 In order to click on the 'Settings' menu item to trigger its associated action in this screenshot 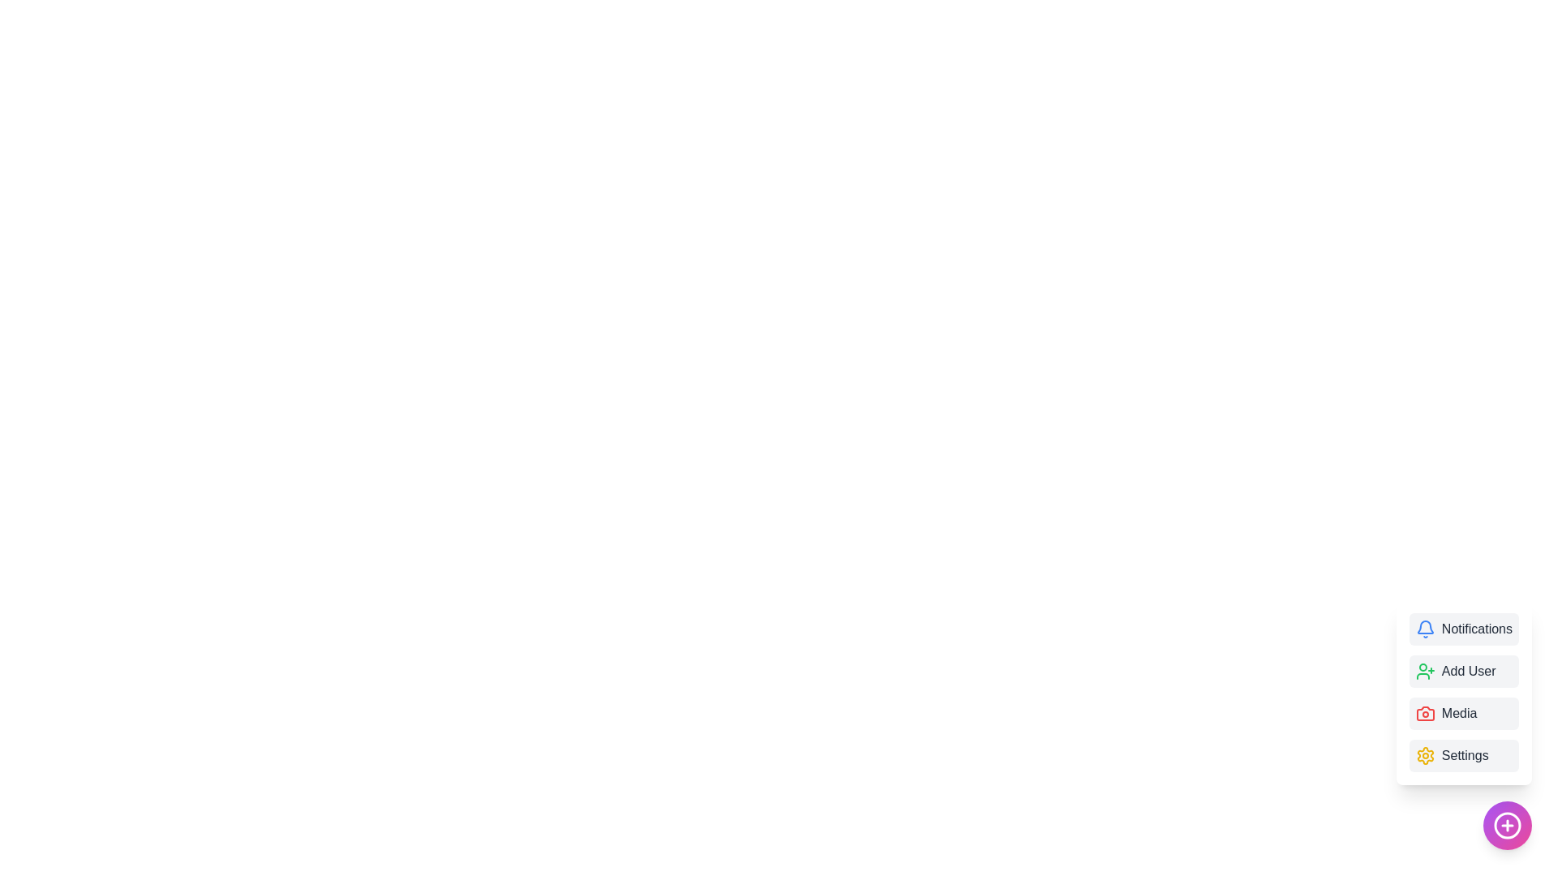, I will do `click(1464, 756)`.